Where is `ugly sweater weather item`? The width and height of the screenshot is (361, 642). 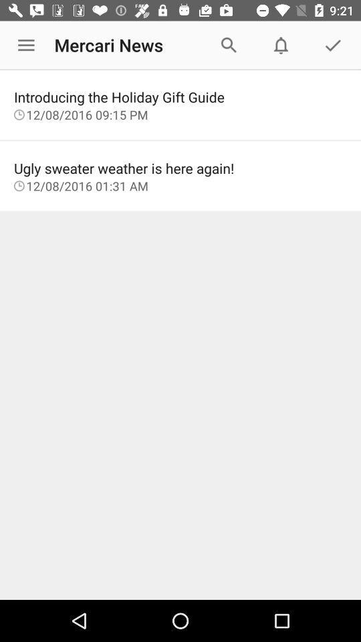 ugly sweater weather item is located at coordinates (180, 167).